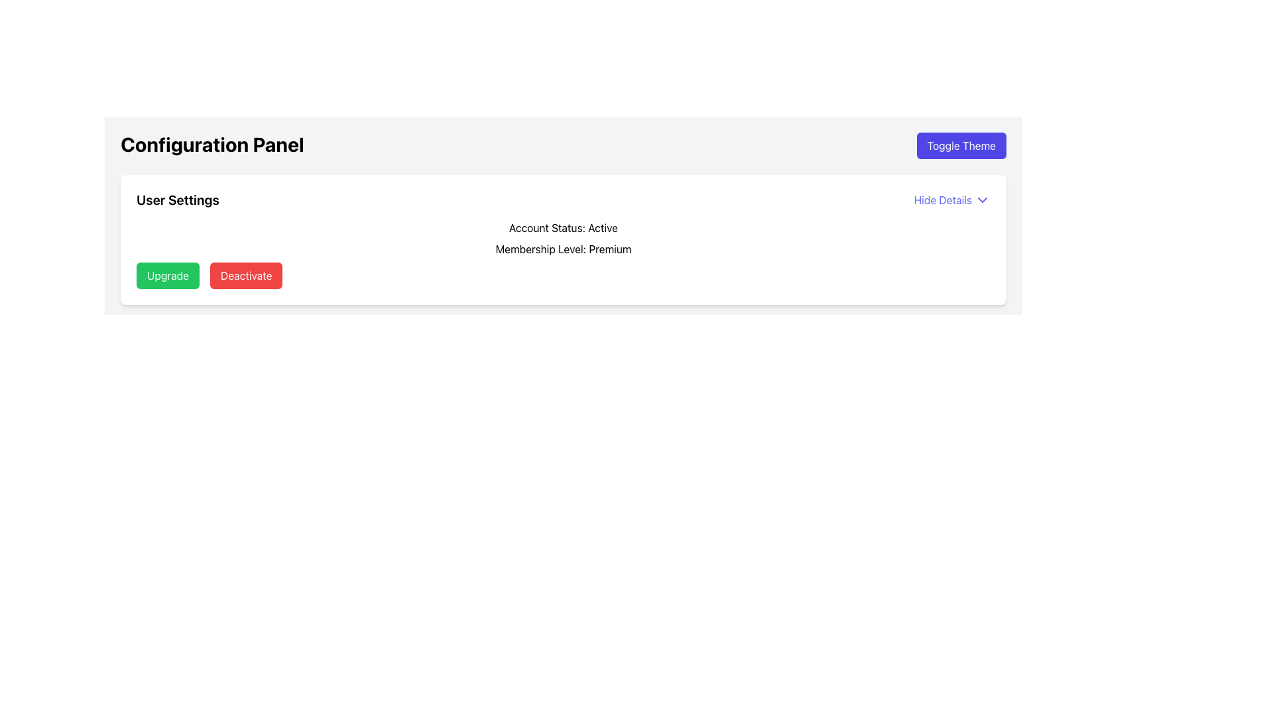 This screenshot has width=1273, height=716. What do you see at coordinates (246, 275) in the screenshot?
I see `the red rectangular button labeled 'Deactivate' located in the bottom-left section of the user interface within the 'User Settings' panel` at bounding box center [246, 275].